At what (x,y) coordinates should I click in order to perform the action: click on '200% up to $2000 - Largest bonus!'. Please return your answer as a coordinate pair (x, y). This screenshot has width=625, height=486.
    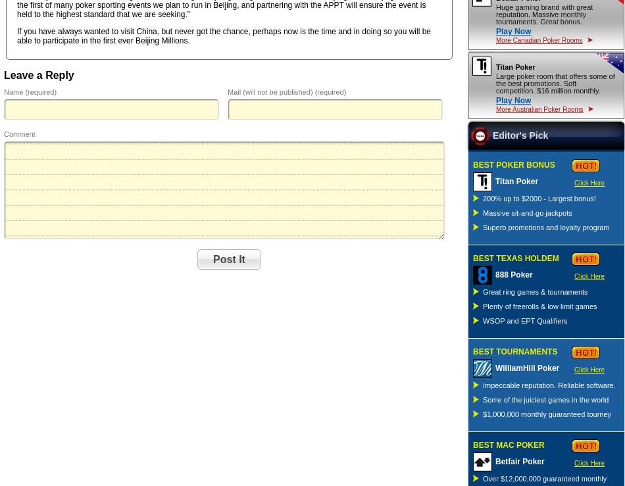
    Looking at the image, I should click on (538, 197).